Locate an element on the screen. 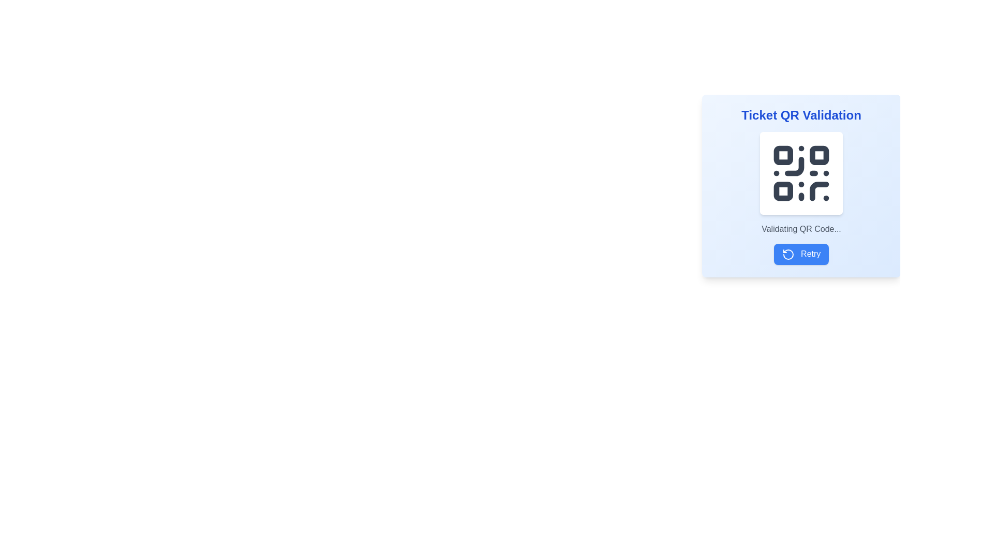  the blue rounded button labeled 'Retry' with a leftward-rotating arrow icon is located at coordinates (800, 254).